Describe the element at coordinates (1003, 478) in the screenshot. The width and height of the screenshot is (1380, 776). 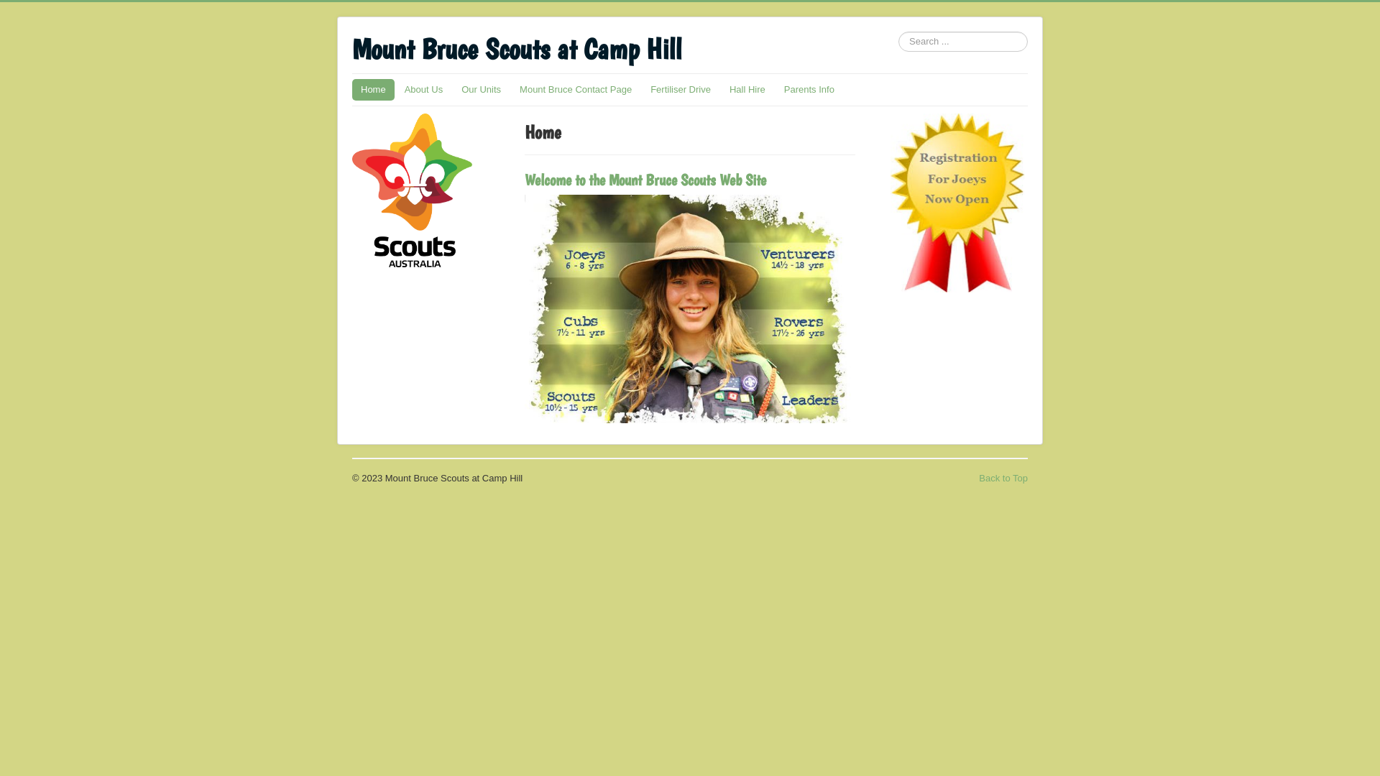
I see `'Back to Top'` at that location.